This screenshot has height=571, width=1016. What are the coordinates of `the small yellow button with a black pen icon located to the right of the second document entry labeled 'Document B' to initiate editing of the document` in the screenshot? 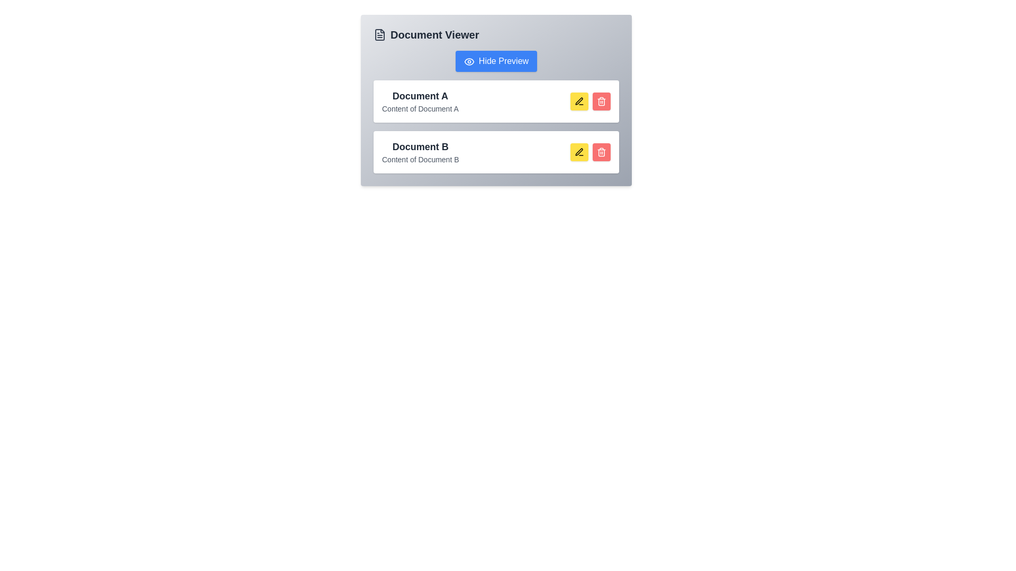 It's located at (578, 152).